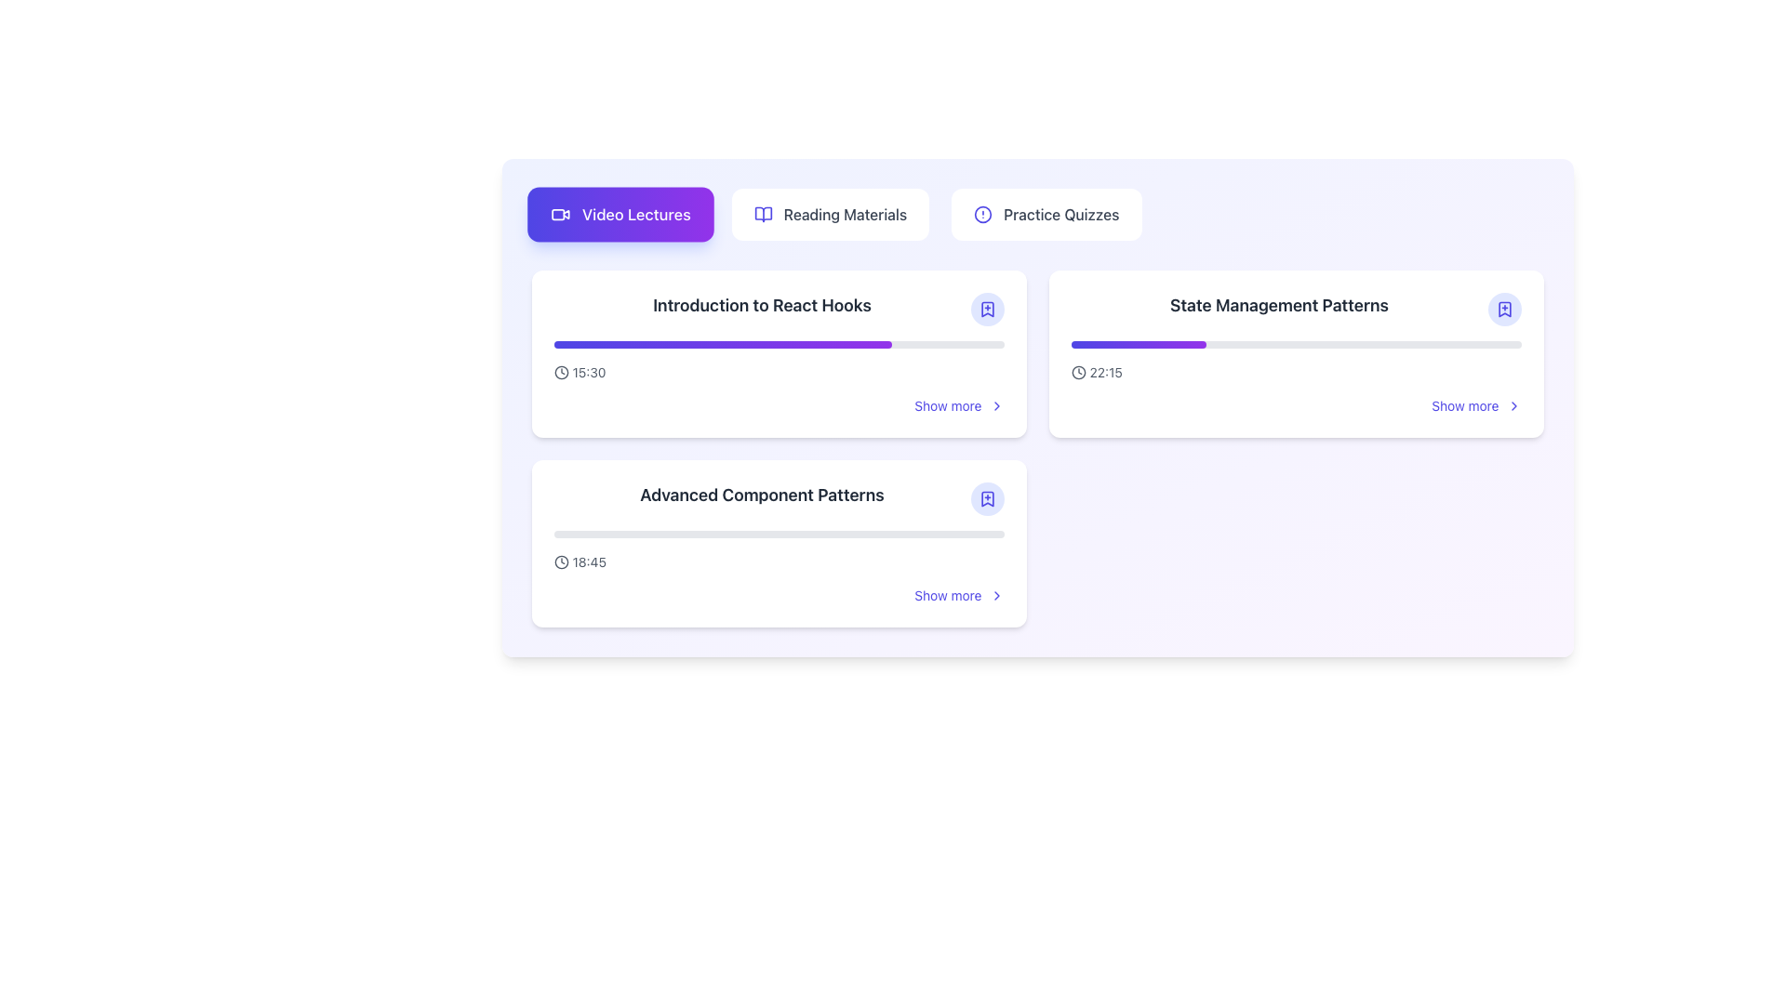 Image resolution: width=1786 pixels, height=1004 pixels. I want to click on the small circular component with a thin outline, which is nested within a warning or alert icon located in the top bar, near the 'Practice Quizzes' button, so click(982, 214).